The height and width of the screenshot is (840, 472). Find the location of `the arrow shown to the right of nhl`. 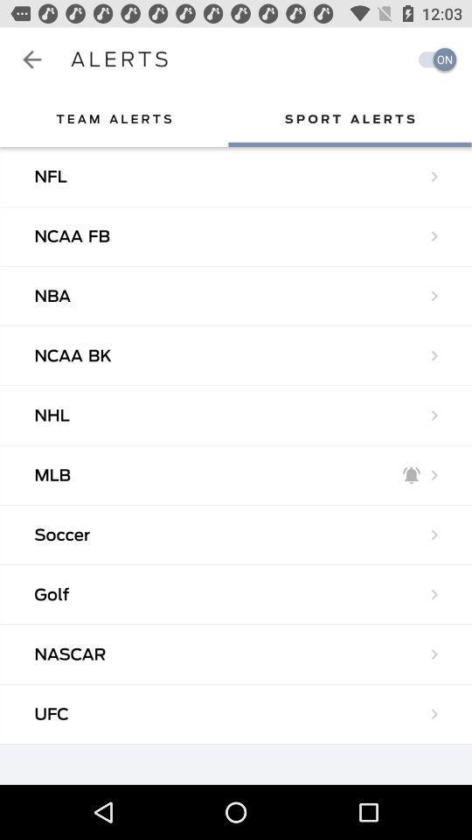

the arrow shown to the right of nhl is located at coordinates (434, 416).